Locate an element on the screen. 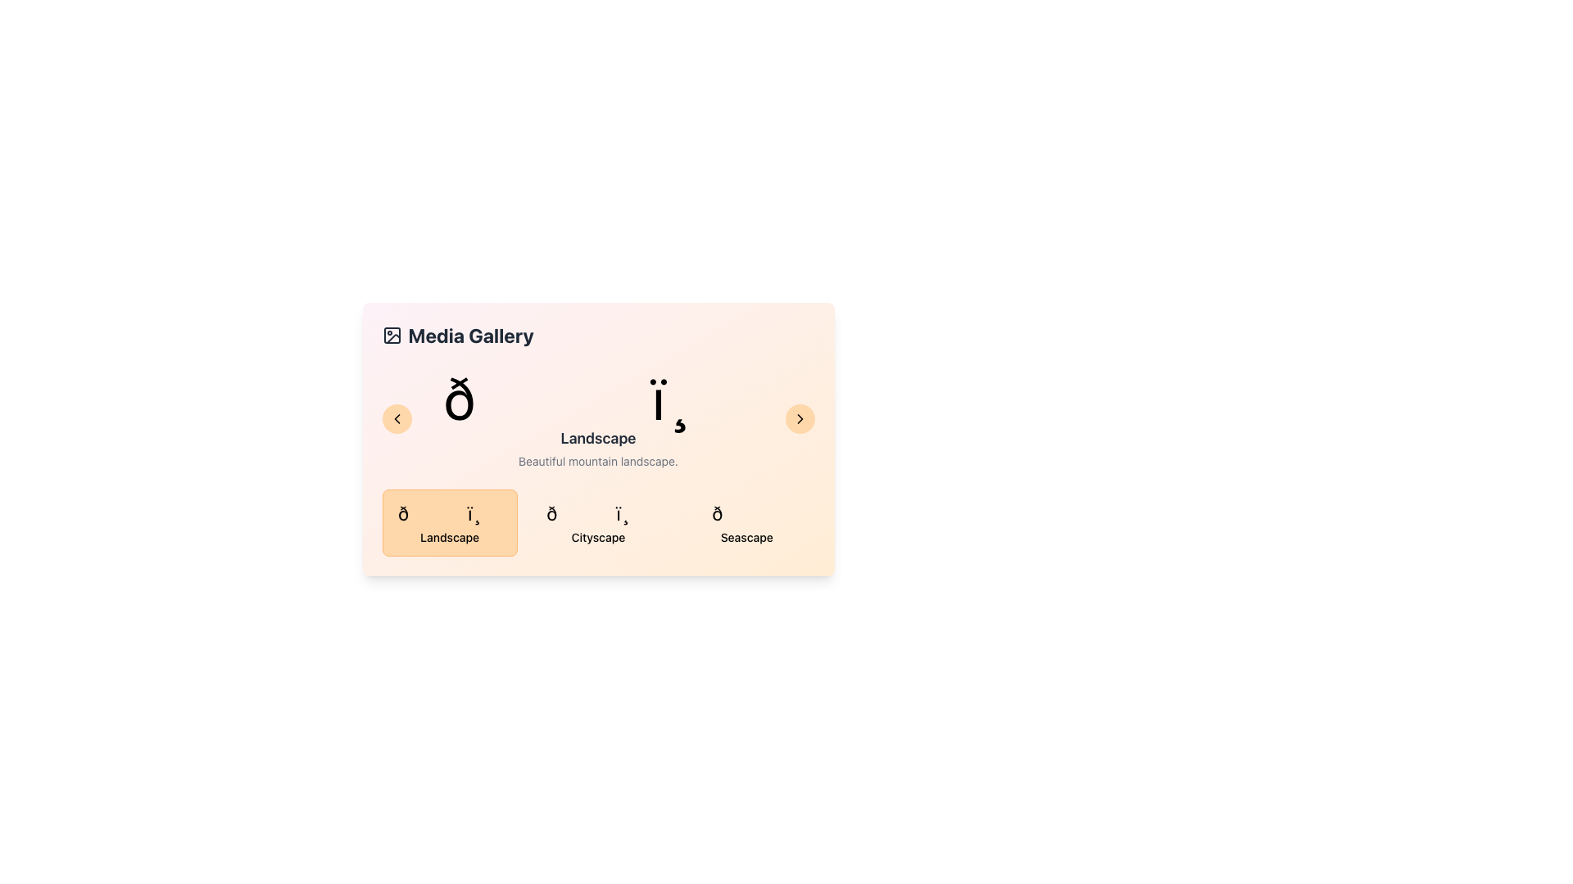  the 'Landscape' button located on the left side of the row of three buttons is located at coordinates (450, 523).